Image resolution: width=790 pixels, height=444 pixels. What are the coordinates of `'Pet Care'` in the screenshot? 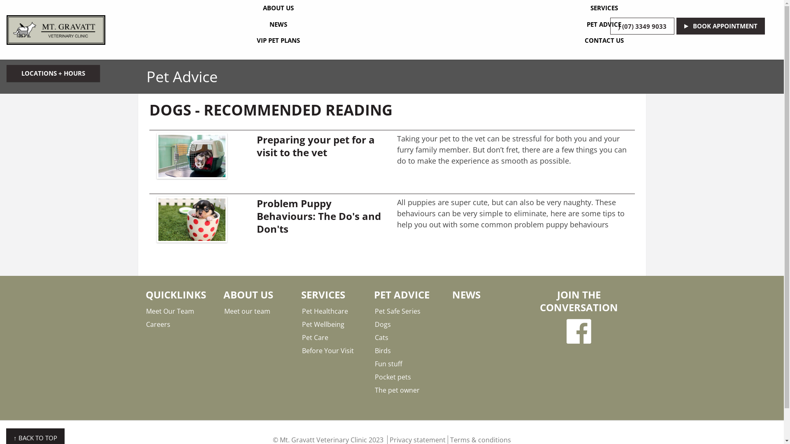 It's located at (302, 338).